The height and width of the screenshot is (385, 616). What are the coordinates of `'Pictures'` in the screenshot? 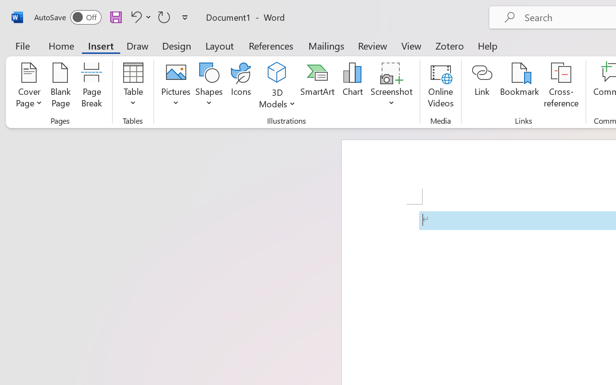 It's located at (176, 86).